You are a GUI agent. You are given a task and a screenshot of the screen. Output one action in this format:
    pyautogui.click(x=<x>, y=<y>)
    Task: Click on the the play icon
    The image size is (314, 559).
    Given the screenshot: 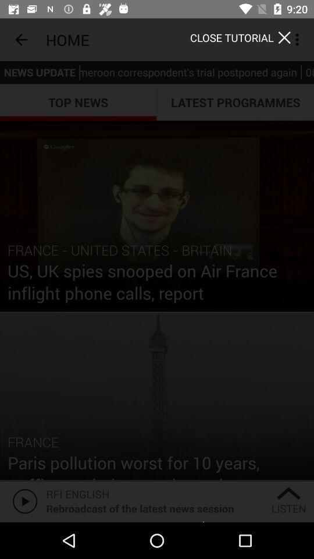 What is the action you would take?
    pyautogui.click(x=23, y=500)
    